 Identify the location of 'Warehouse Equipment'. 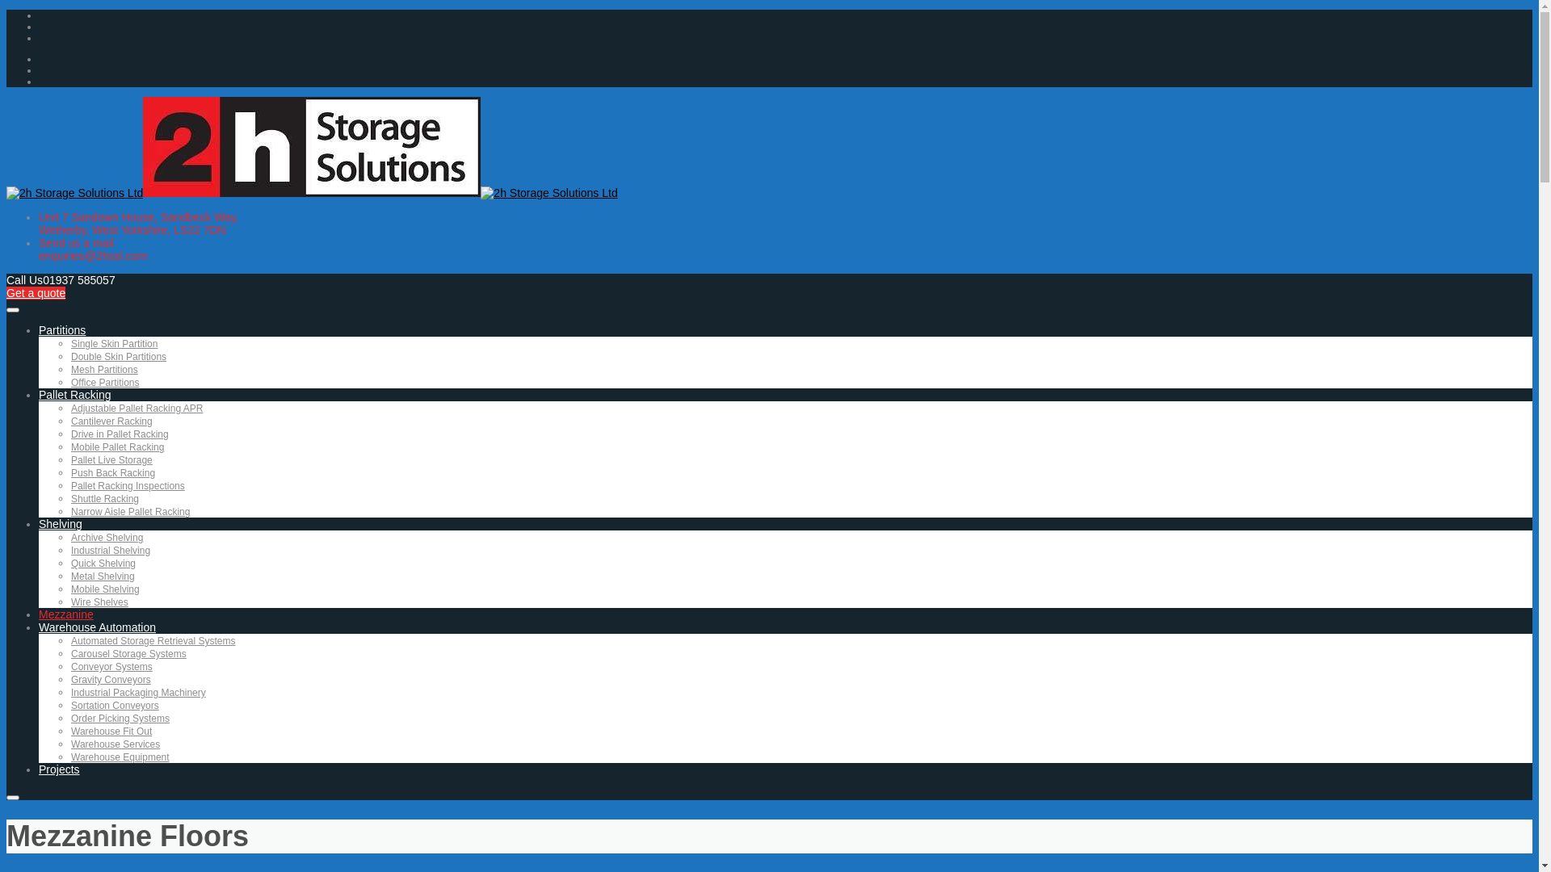
(119, 757).